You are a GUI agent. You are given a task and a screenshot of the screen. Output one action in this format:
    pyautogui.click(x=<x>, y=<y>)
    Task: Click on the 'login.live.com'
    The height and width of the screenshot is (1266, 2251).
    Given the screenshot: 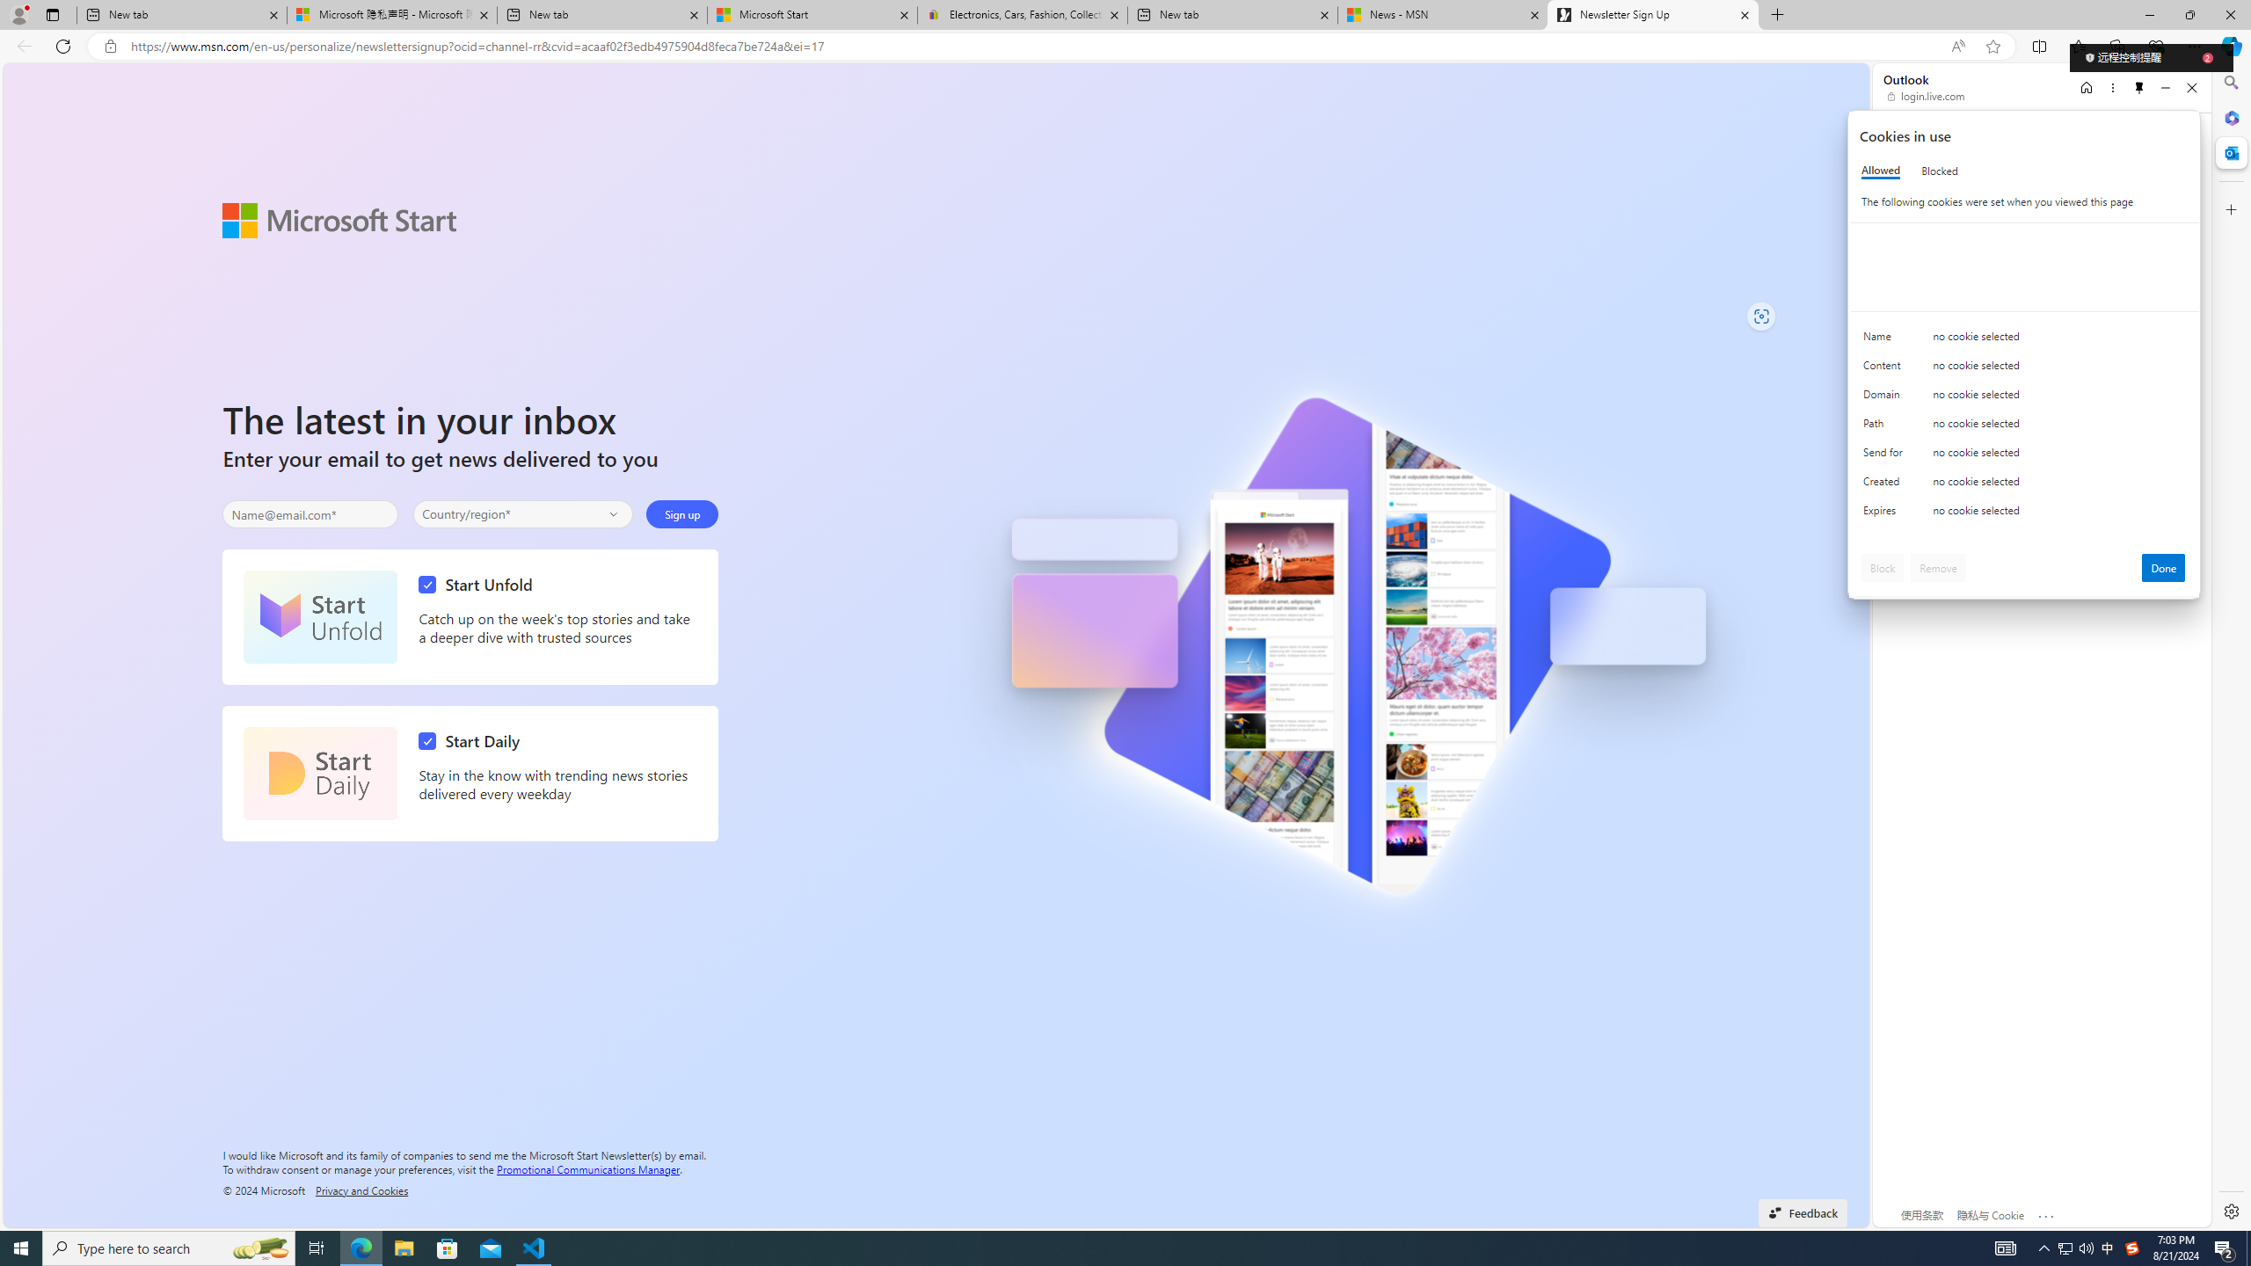 What is the action you would take?
    pyautogui.click(x=1926, y=95)
    